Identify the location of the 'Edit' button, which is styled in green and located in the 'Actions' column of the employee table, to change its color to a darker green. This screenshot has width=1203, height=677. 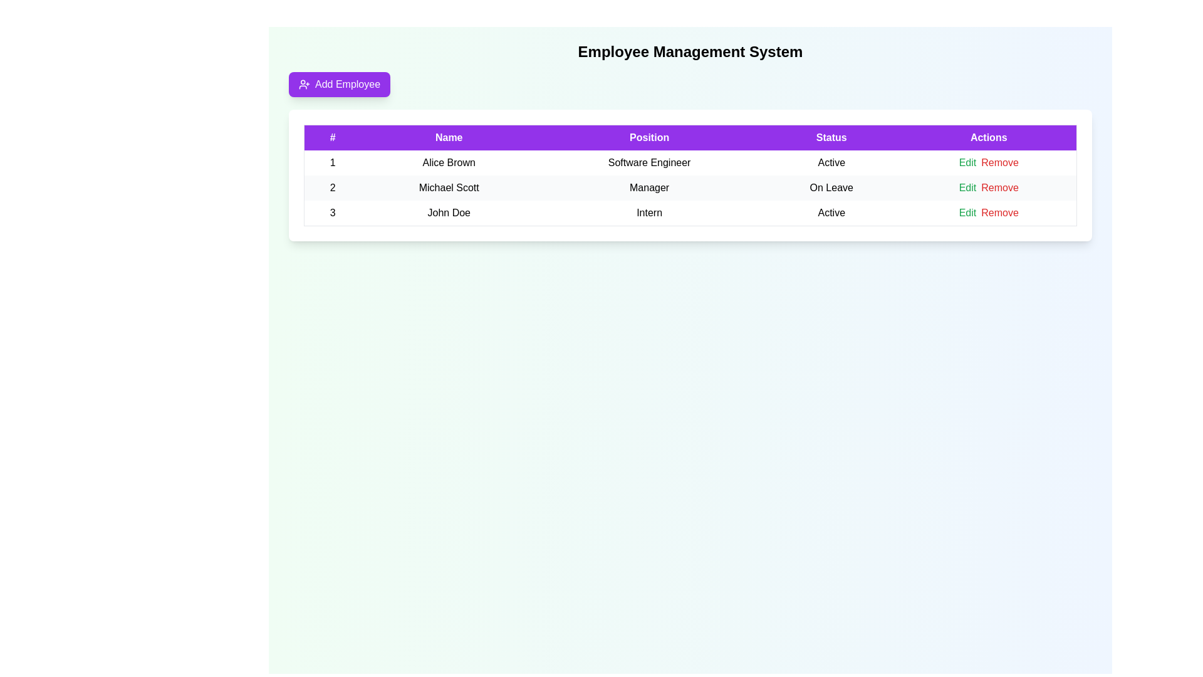
(967, 162).